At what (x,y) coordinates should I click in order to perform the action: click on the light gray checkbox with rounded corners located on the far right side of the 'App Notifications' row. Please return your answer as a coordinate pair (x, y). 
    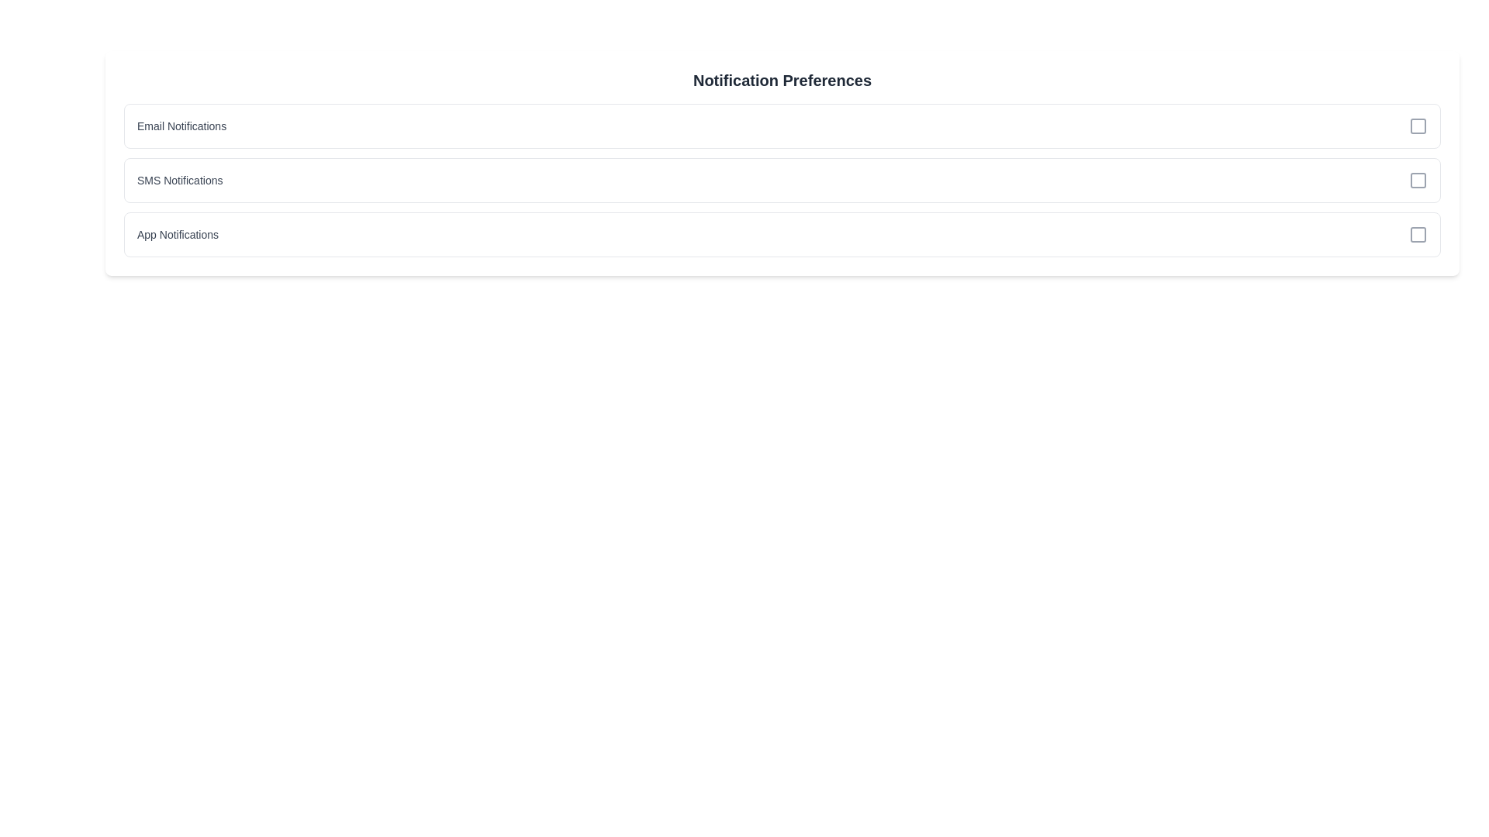
    Looking at the image, I should click on (1418, 235).